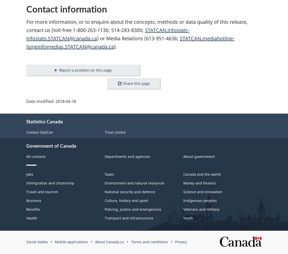 The width and height of the screenshot is (288, 254). What do you see at coordinates (188, 218) in the screenshot?
I see `'Youth'` at bounding box center [188, 218].